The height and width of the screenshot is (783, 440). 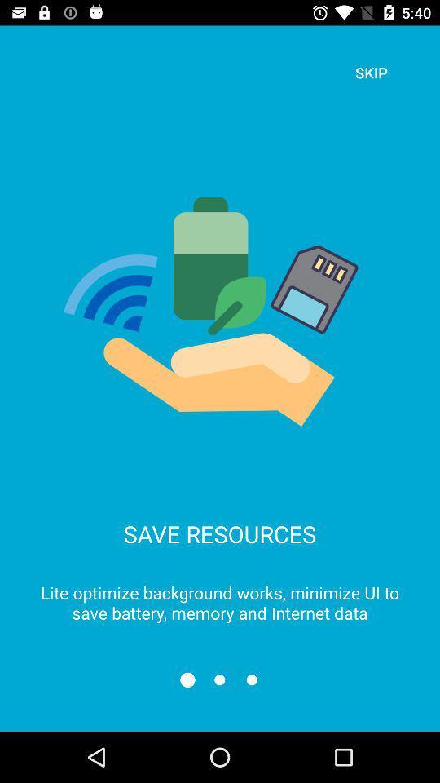 What do you see at coordinates (371, 73) in the screenshot?
I see `skip icon` at bounding box center [371, 73].